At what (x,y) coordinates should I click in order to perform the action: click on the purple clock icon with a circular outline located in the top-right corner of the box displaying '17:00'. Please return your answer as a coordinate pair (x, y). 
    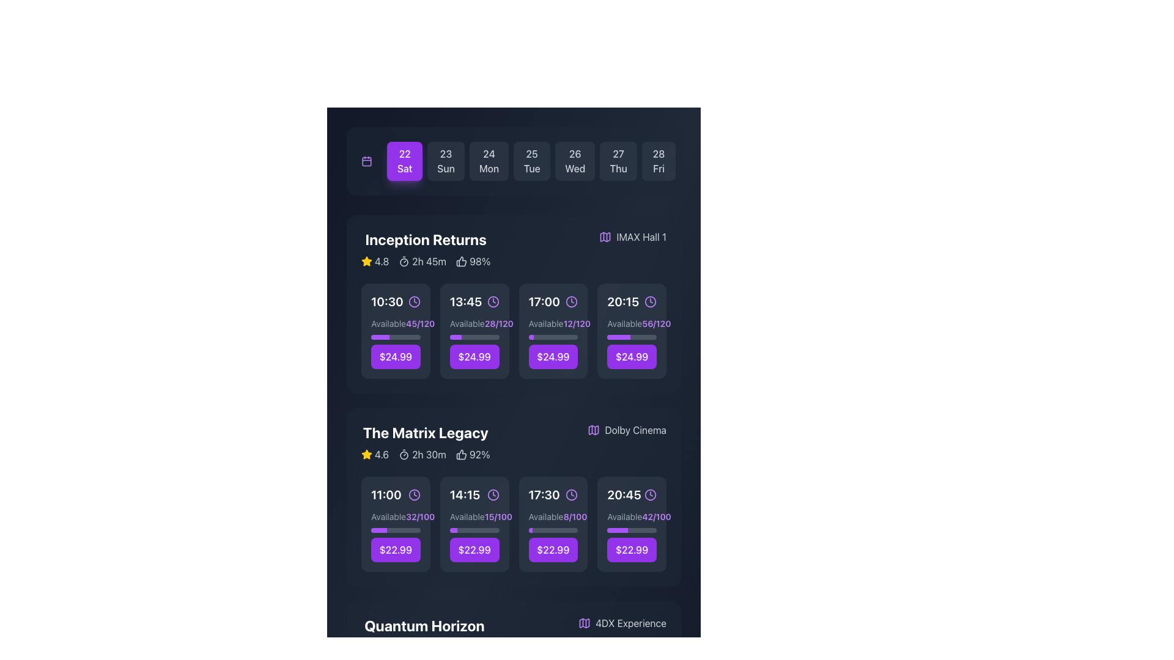
    Looking at the image, I should click on (571, 301).